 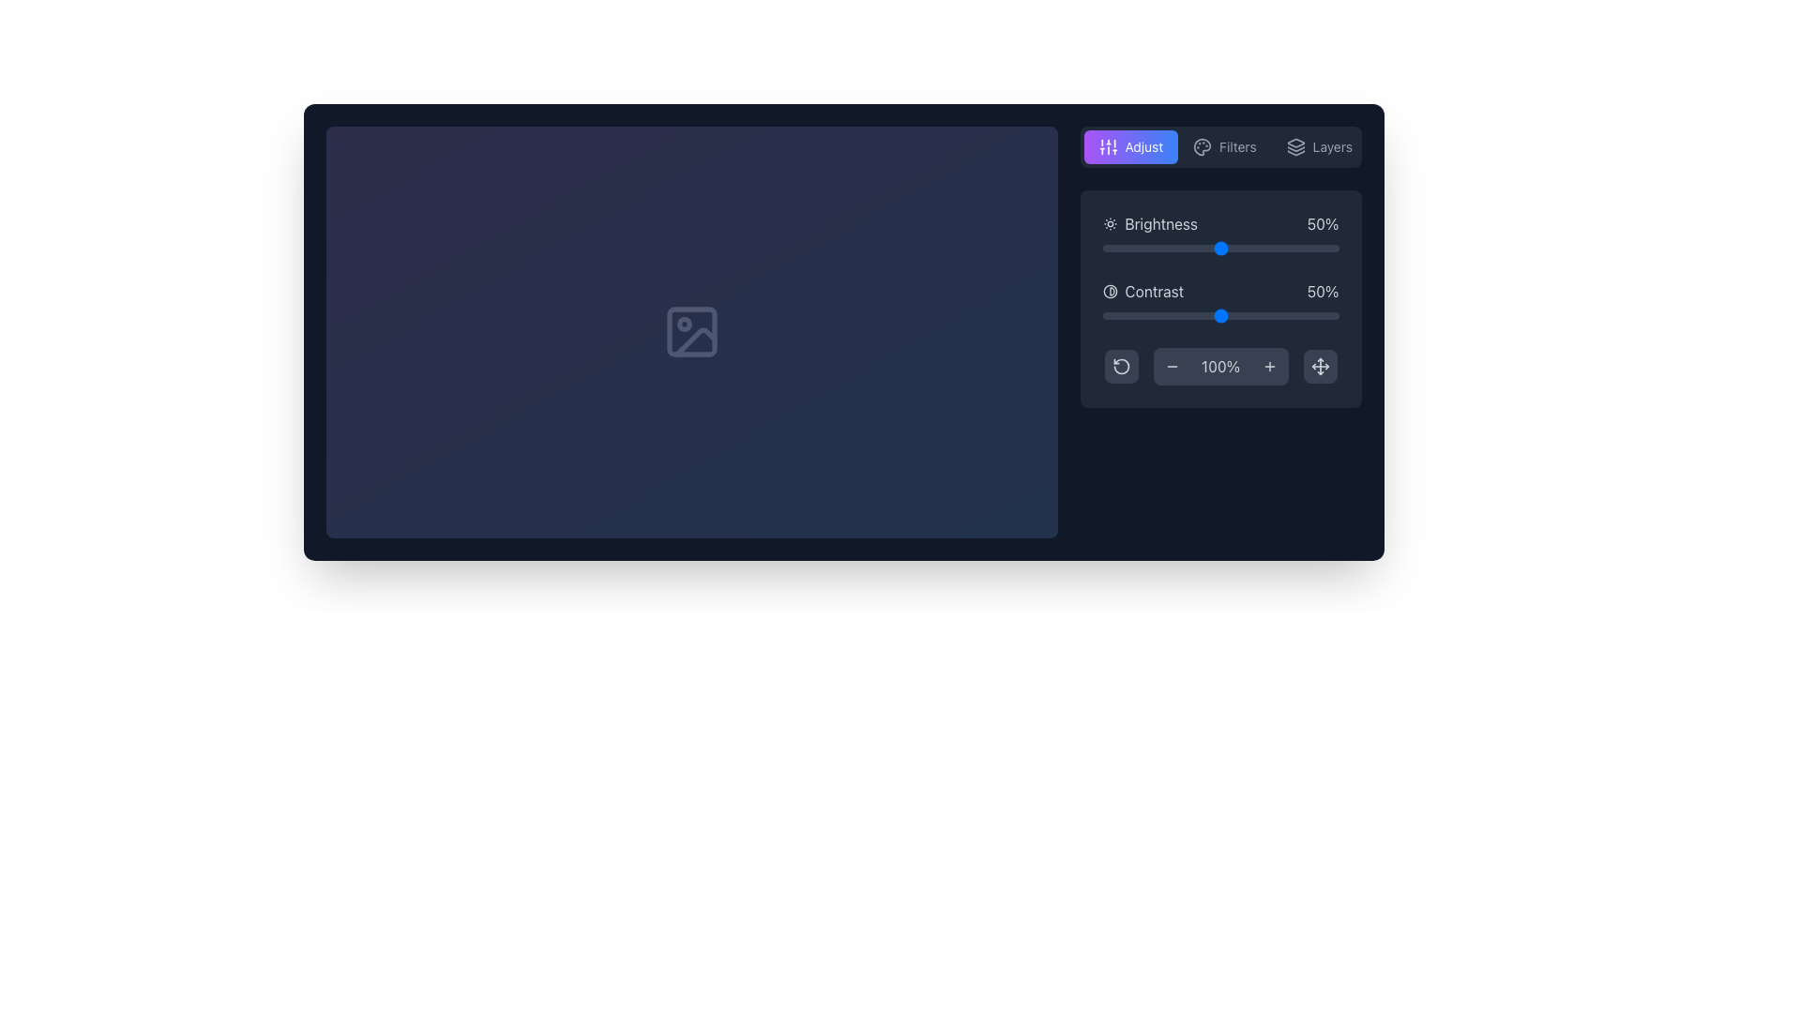 I want to click on the circular icon resembling an artist's palette located in the top-right corner of the interface, so click(x=1203, y=146).